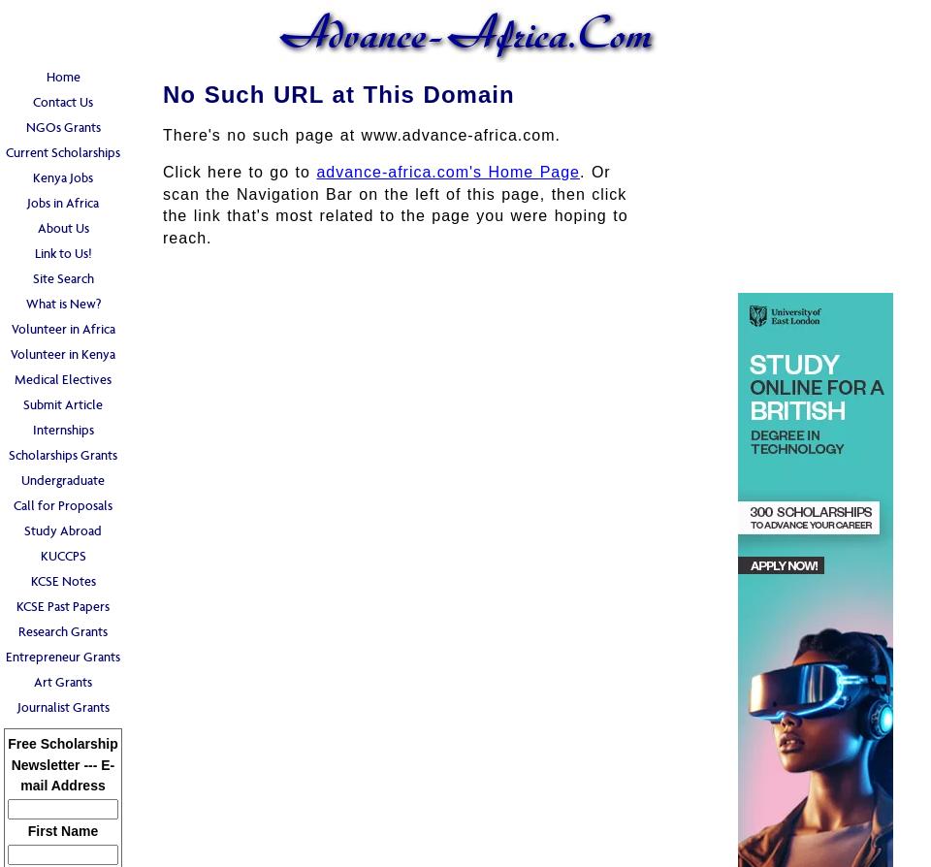 This screenshot has height=867, width=931. Describe the element at coordinates (62, 829) in the screenshot. I see `'First Name'` at that location.